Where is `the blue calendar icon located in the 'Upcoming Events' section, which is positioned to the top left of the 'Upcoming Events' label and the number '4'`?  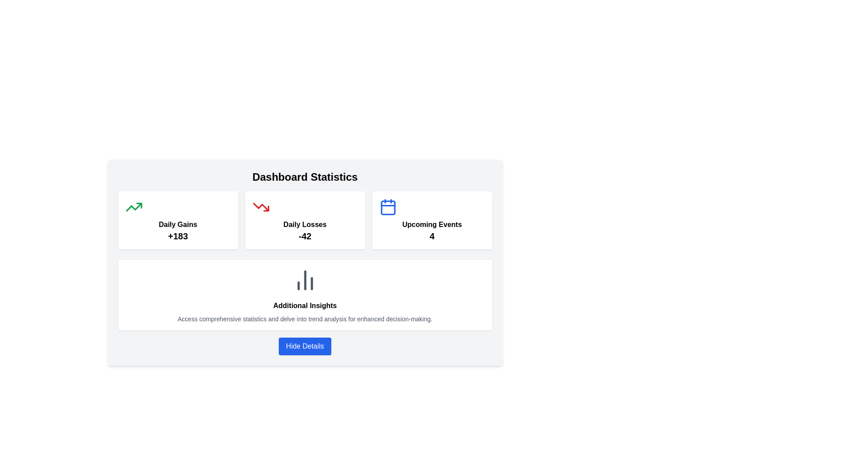
the blue calendar icon located in the 'Upcoming Events' section, which is positioned to the top left of the 'Upcoming Events' label and the number '4' is located at coordinates (388, 207).